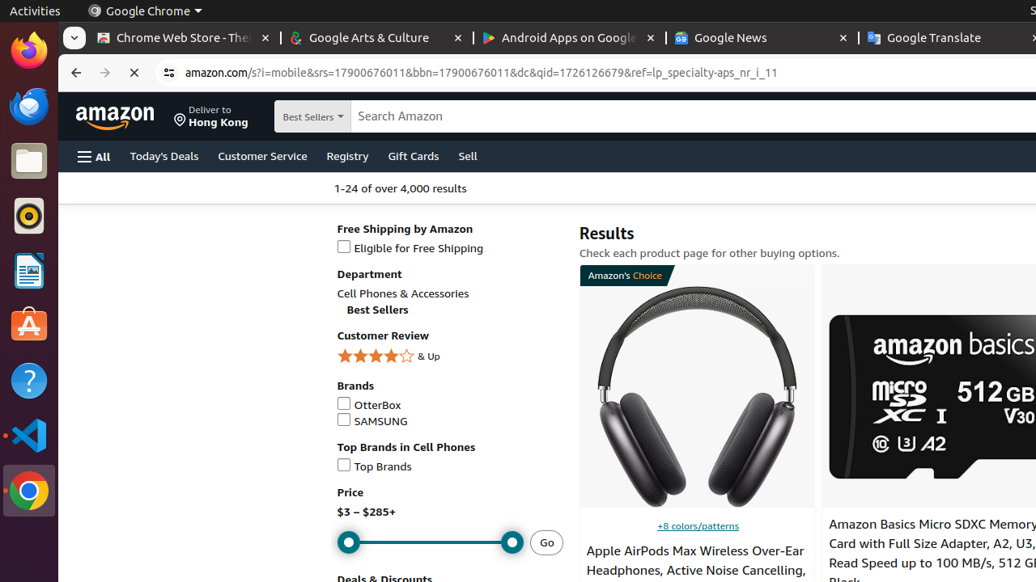 This screenshot has height=582, width=1036. What do you see at coordinates (28, 326) in the screenshot?
I see `'Ubuntu Software'` at bounding box center [28, 326].